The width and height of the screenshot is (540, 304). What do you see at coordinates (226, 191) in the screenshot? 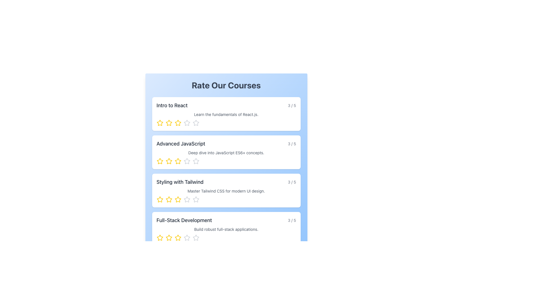
I see `text label that provides a brief description about the course 'Styling with Tailwind', positioned in the second row of the course card` at bounding box center [226, 191].